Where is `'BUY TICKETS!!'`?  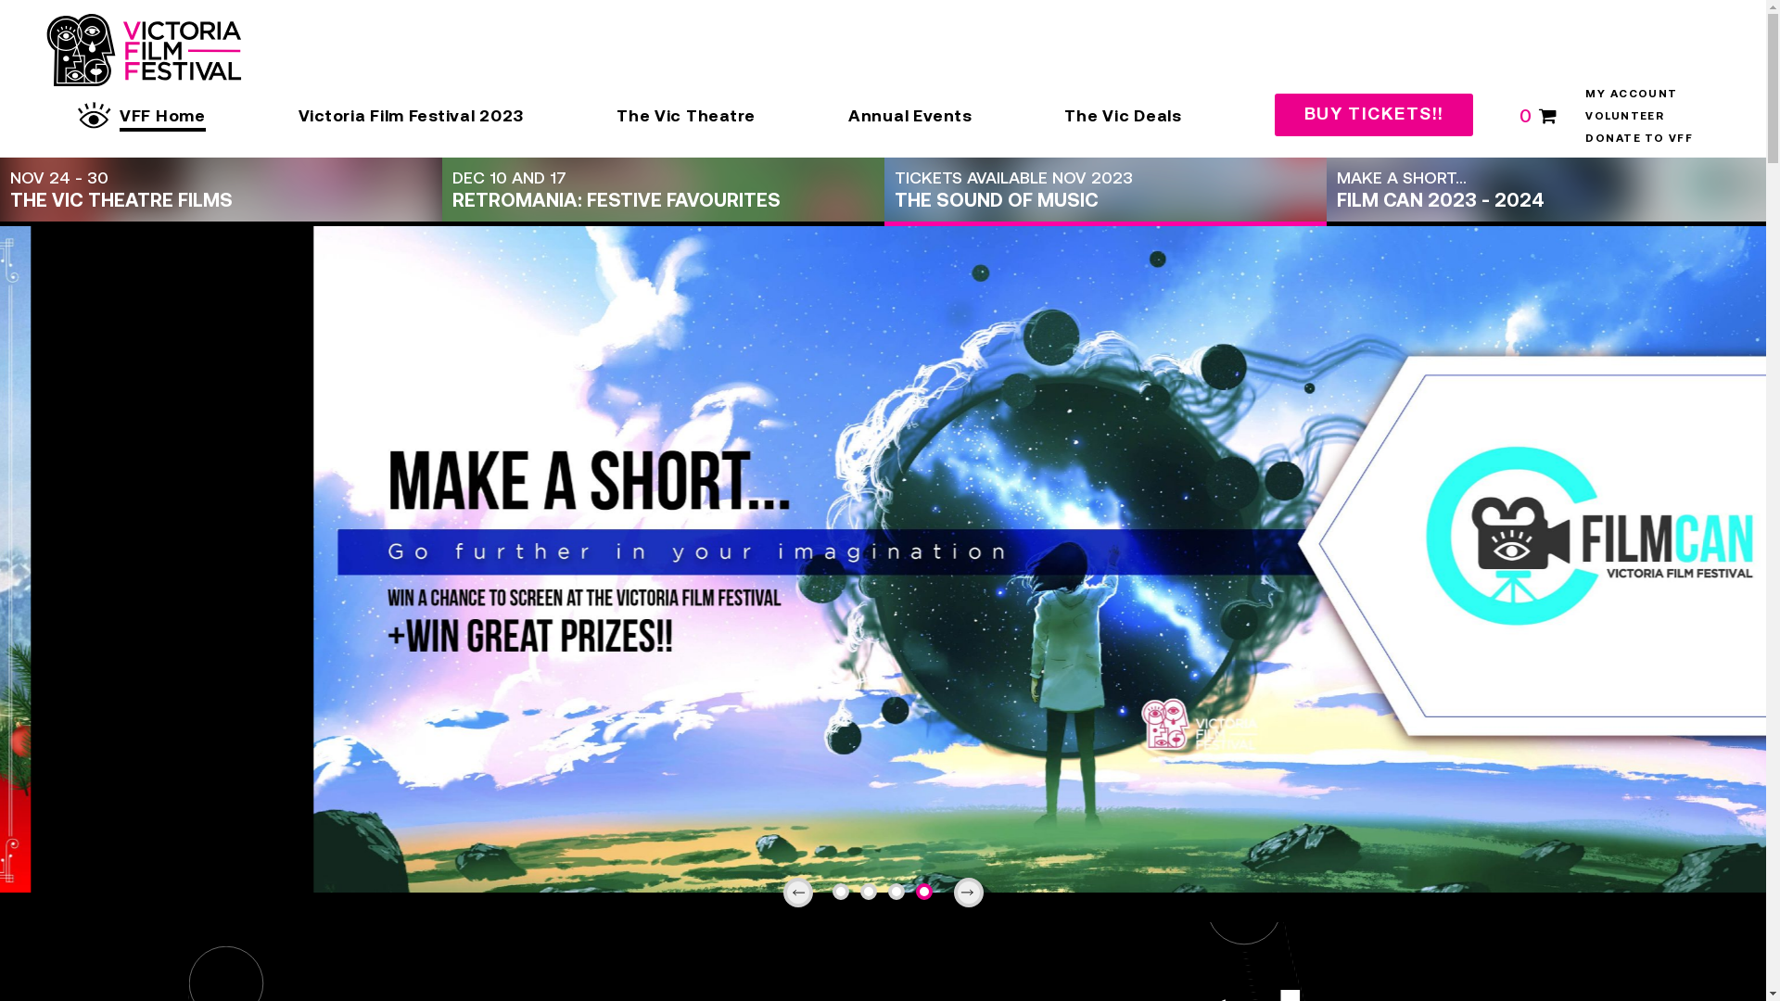
'BUY TICKETS!!' is located at coordinates (1374, 114).